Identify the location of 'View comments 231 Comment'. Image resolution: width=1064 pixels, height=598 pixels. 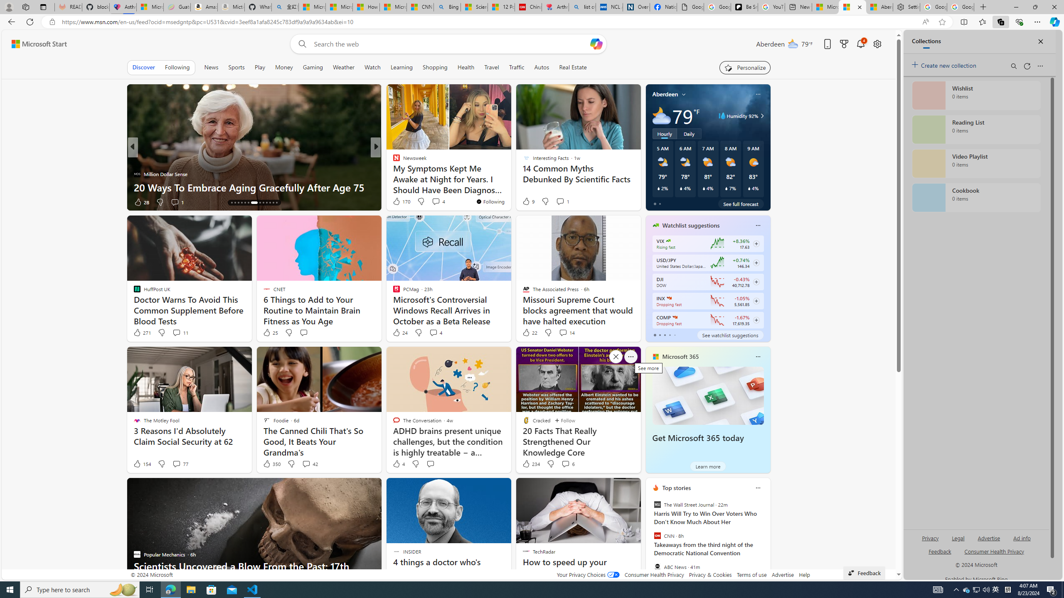
(430, 202).